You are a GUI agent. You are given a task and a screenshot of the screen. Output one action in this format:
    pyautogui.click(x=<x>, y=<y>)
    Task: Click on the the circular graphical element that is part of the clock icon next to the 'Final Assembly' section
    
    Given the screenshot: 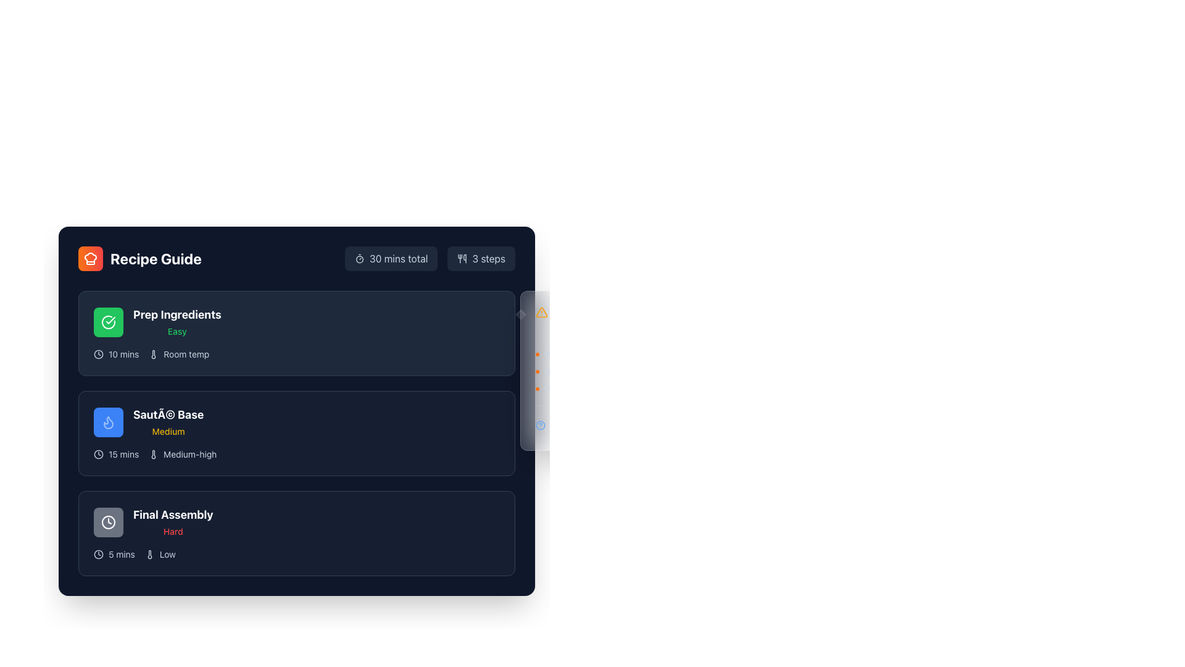 What is the action you would take?
    pyautogui.click(x=98, y=354)
    